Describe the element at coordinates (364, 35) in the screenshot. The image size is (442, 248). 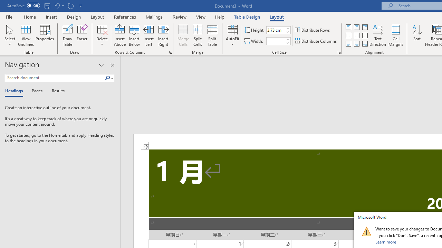
I see `'Align Center Right'` at that location.